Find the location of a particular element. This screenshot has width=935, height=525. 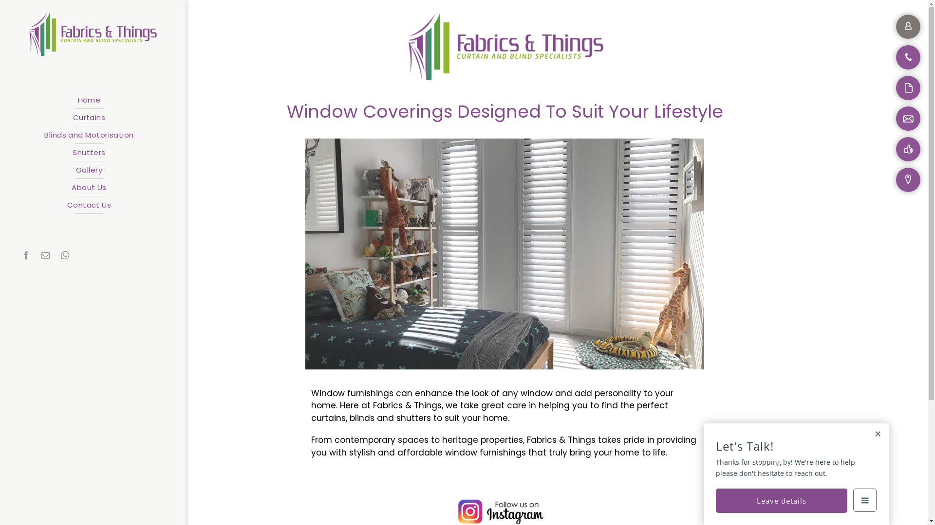

'Leave details' is located at coordinates (781, 500).